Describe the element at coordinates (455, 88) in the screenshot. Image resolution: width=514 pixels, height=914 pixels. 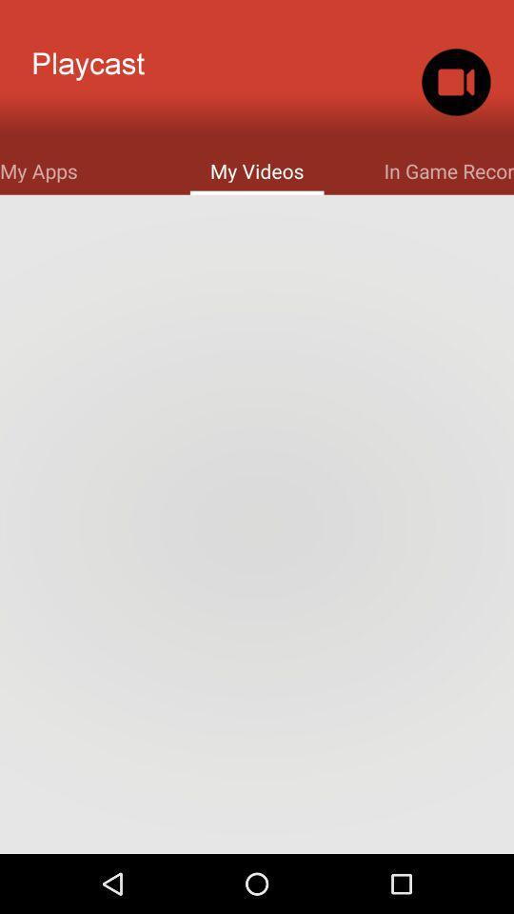
I see `the videocam icon` at that location.